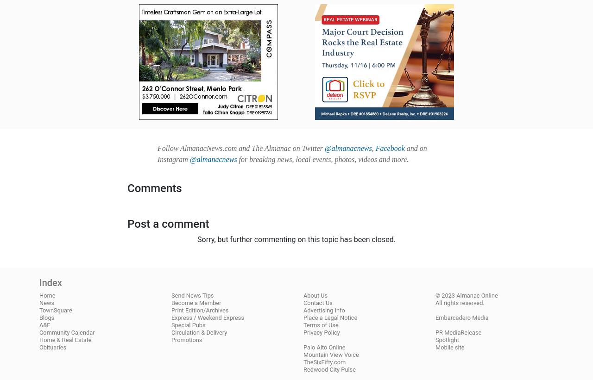  Describe the element at coordinates (435, 339) in the screenshot. I see `'Spotlight'` at that location.